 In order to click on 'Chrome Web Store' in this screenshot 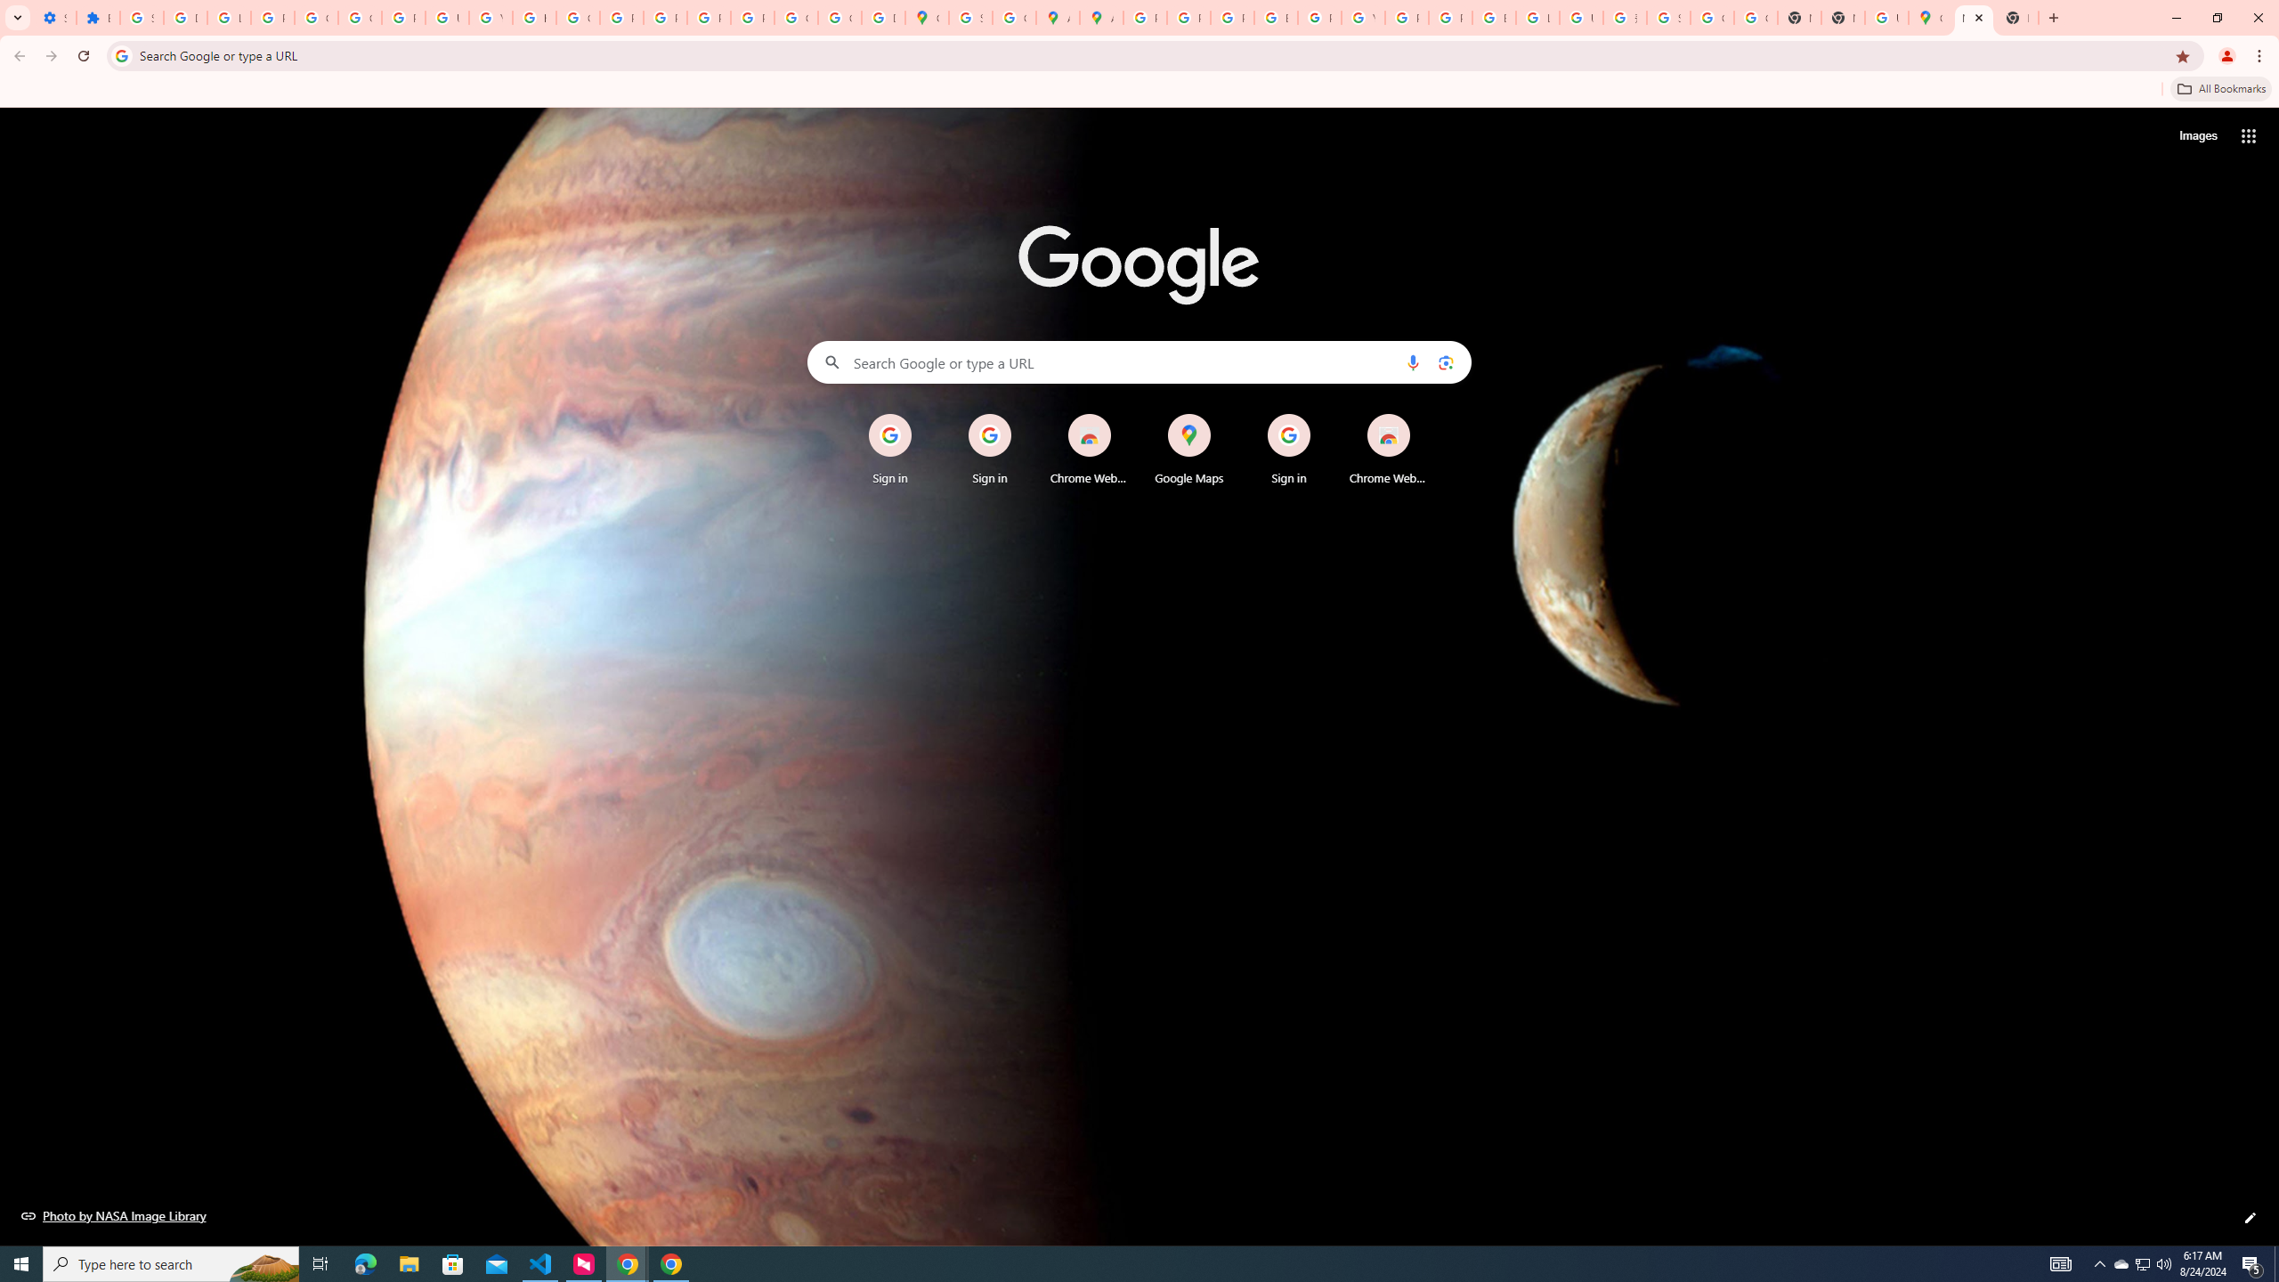, I will do `click(1389, 450)`.